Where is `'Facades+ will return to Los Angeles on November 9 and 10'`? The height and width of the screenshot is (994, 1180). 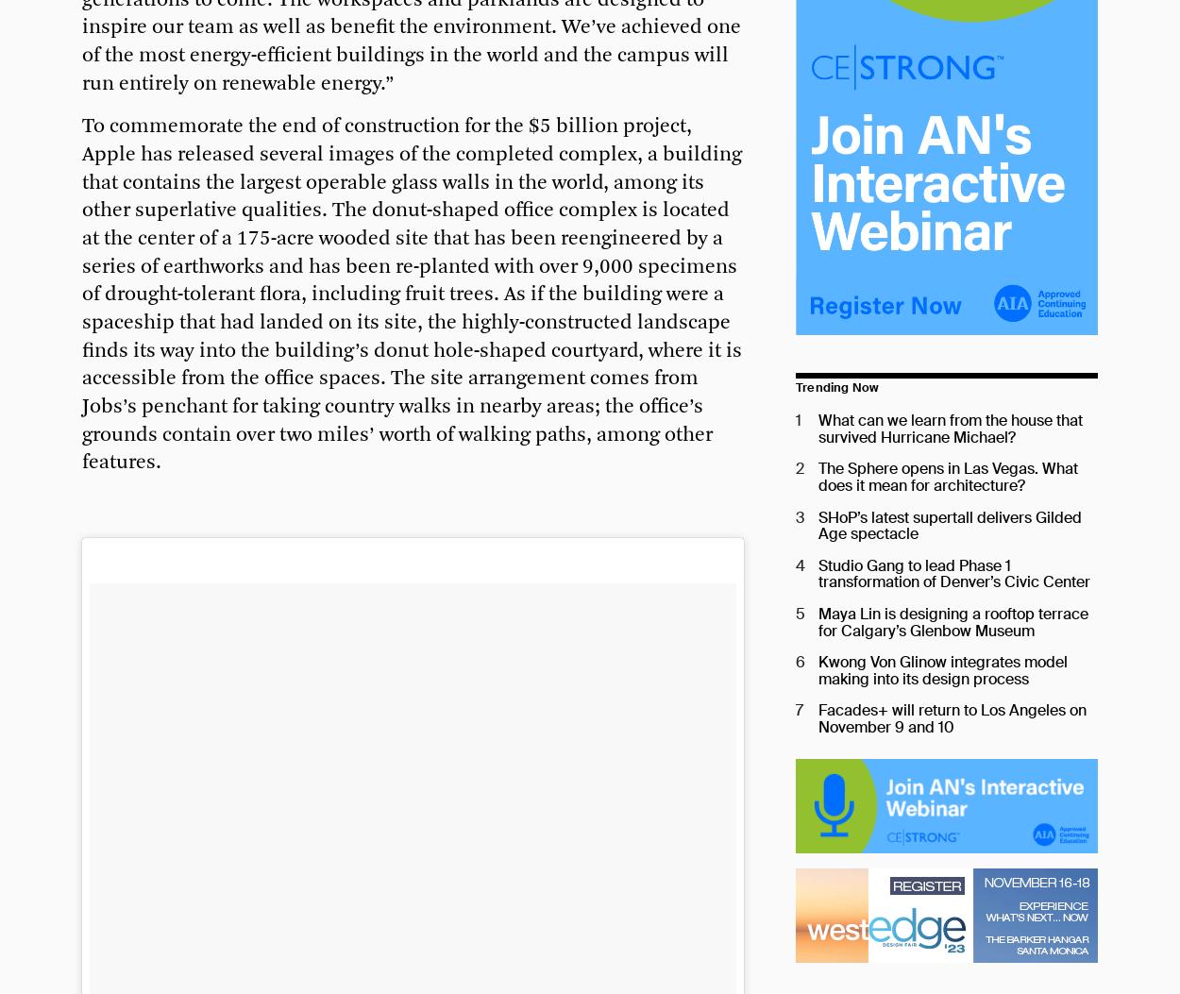 'Facades+ will return to Los Angeles on November 9 and 10' is located at coordinates (952, 717).